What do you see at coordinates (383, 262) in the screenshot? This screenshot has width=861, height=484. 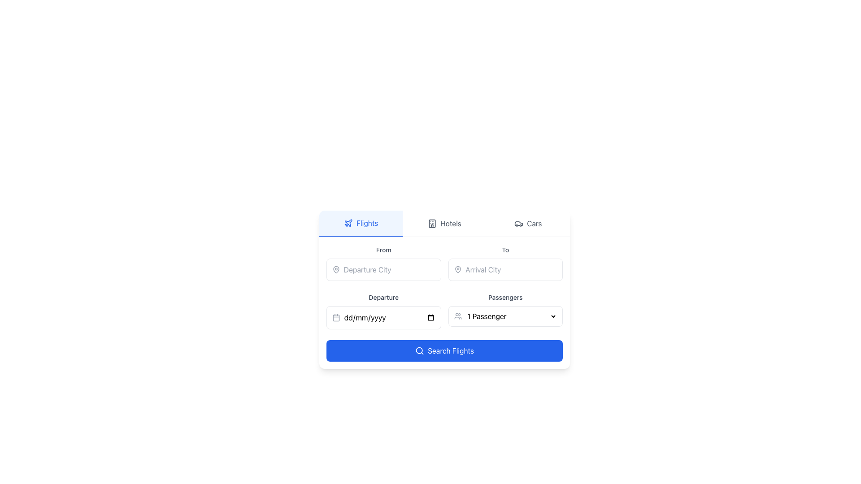 I see `the input field labeled 'From' which has a placeholder 'Departure City'` at bounding box center [383, 262].